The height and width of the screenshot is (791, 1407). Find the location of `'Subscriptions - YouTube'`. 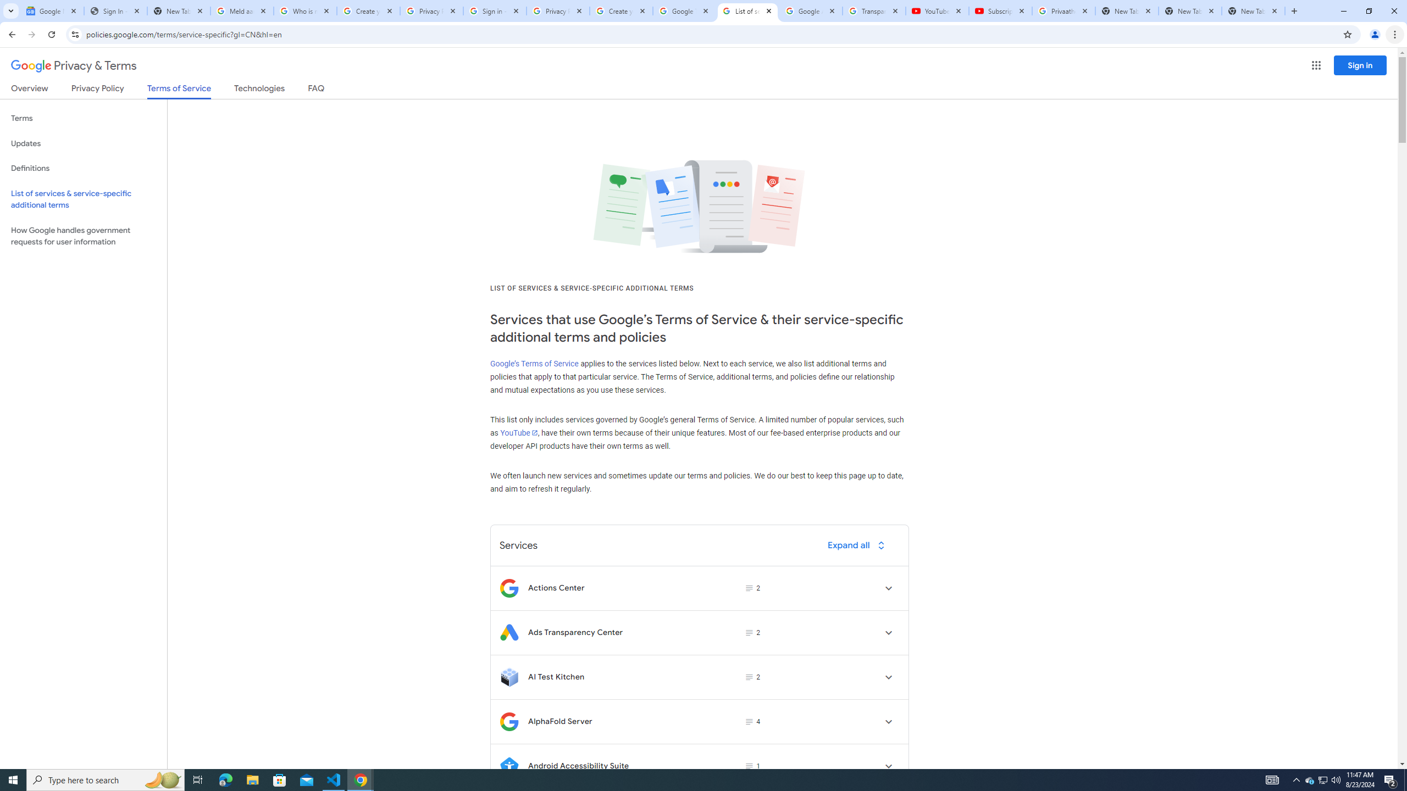

'Subscriptions - YouTube' is located at coordinates (1000, 10).